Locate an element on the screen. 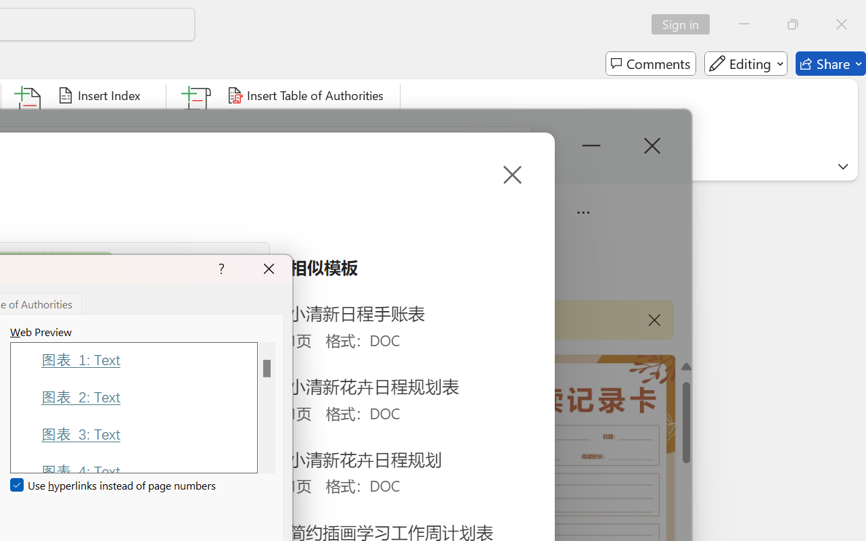 This screenshot has height=541, width=866. 'Sign in' is located at coordinates (685, 24).